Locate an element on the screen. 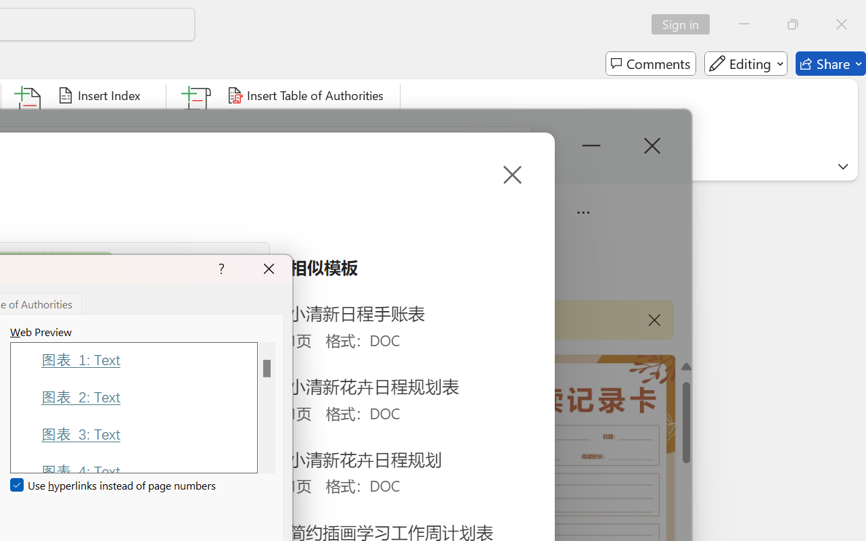 This screenshot has height=541, width=866. 'Sign in' is located at coordinates (685, 24).